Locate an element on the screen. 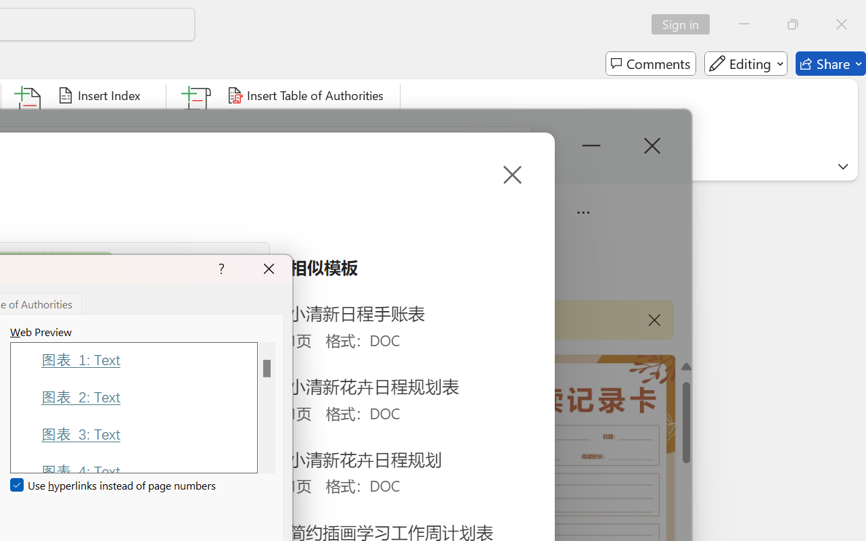 This screenshot has height=541, width=866. 'Sign in' is located at coordinates (685, 24).